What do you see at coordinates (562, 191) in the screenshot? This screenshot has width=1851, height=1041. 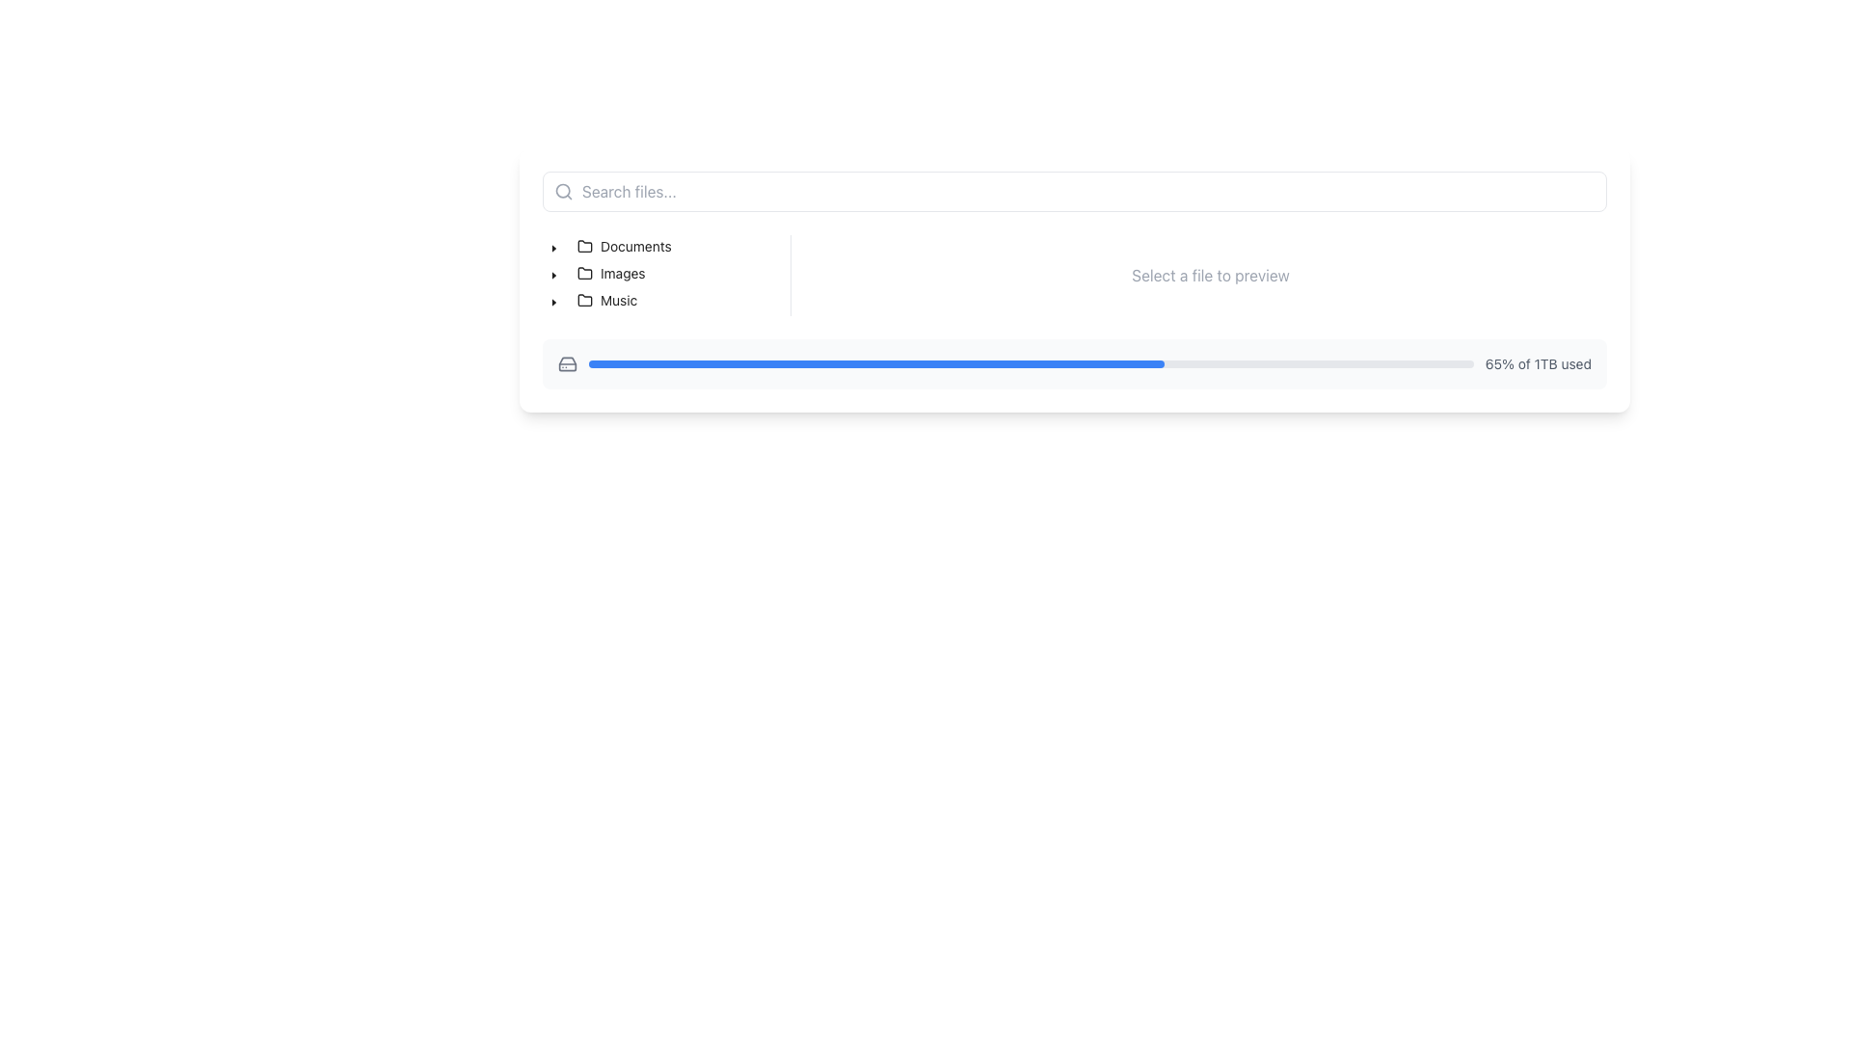 I see `the SVG Circle element located at the center of the left side of the search bar interface, which is part of a graphical representation for search functionality` at bounding box center [562, 191].